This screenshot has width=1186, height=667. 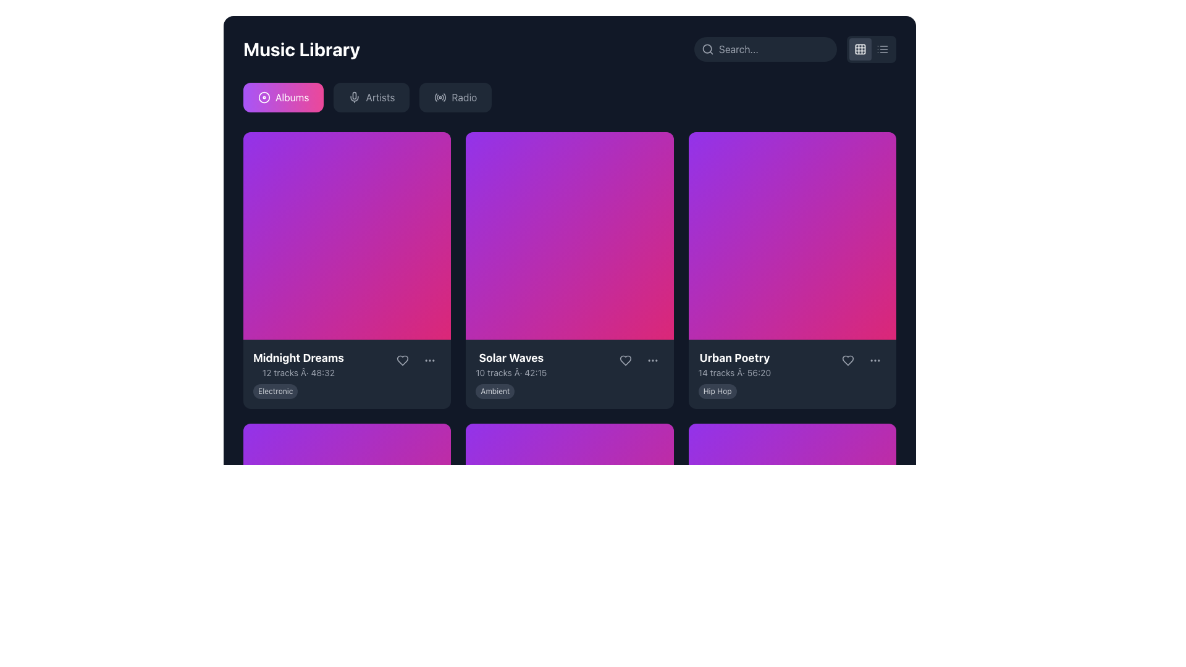 I want to click on the heart icon button, which is gray and changes to pink on hover, located in the second album card to the right of the 'Solar Waves' album title, so click(x=625, y=361).